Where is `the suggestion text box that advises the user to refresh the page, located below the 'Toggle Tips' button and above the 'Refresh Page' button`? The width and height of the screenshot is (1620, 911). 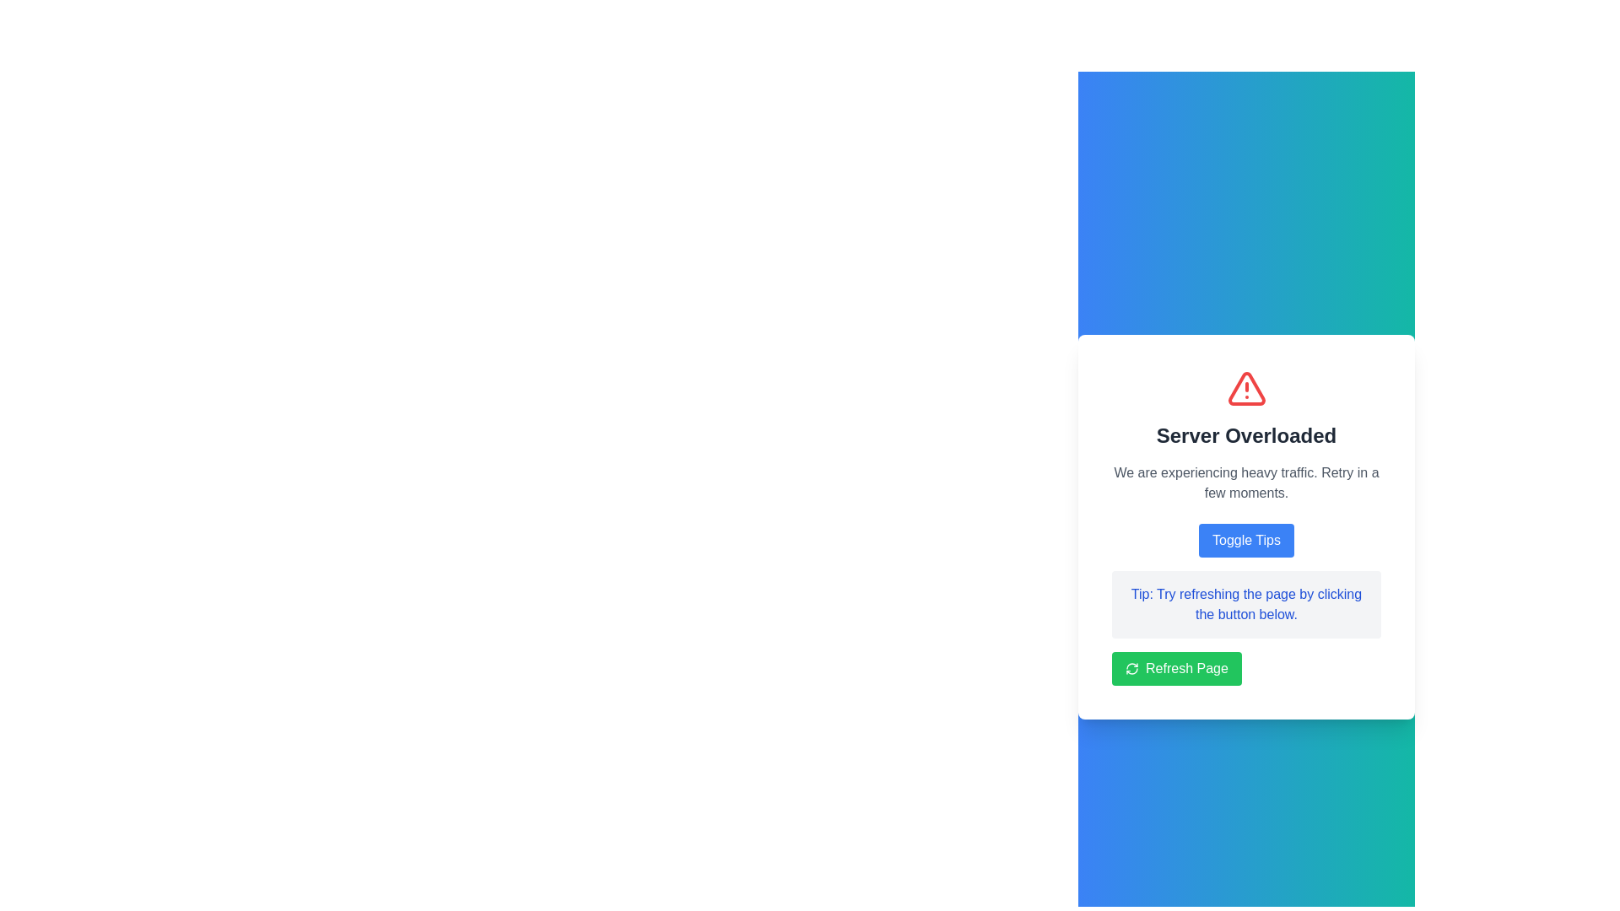
the suggestion text box that advises the user to refresh the page, located below the 'Toggle Tips' button and above the 'Refresh Page' button is located at coordinates (1246, 604).